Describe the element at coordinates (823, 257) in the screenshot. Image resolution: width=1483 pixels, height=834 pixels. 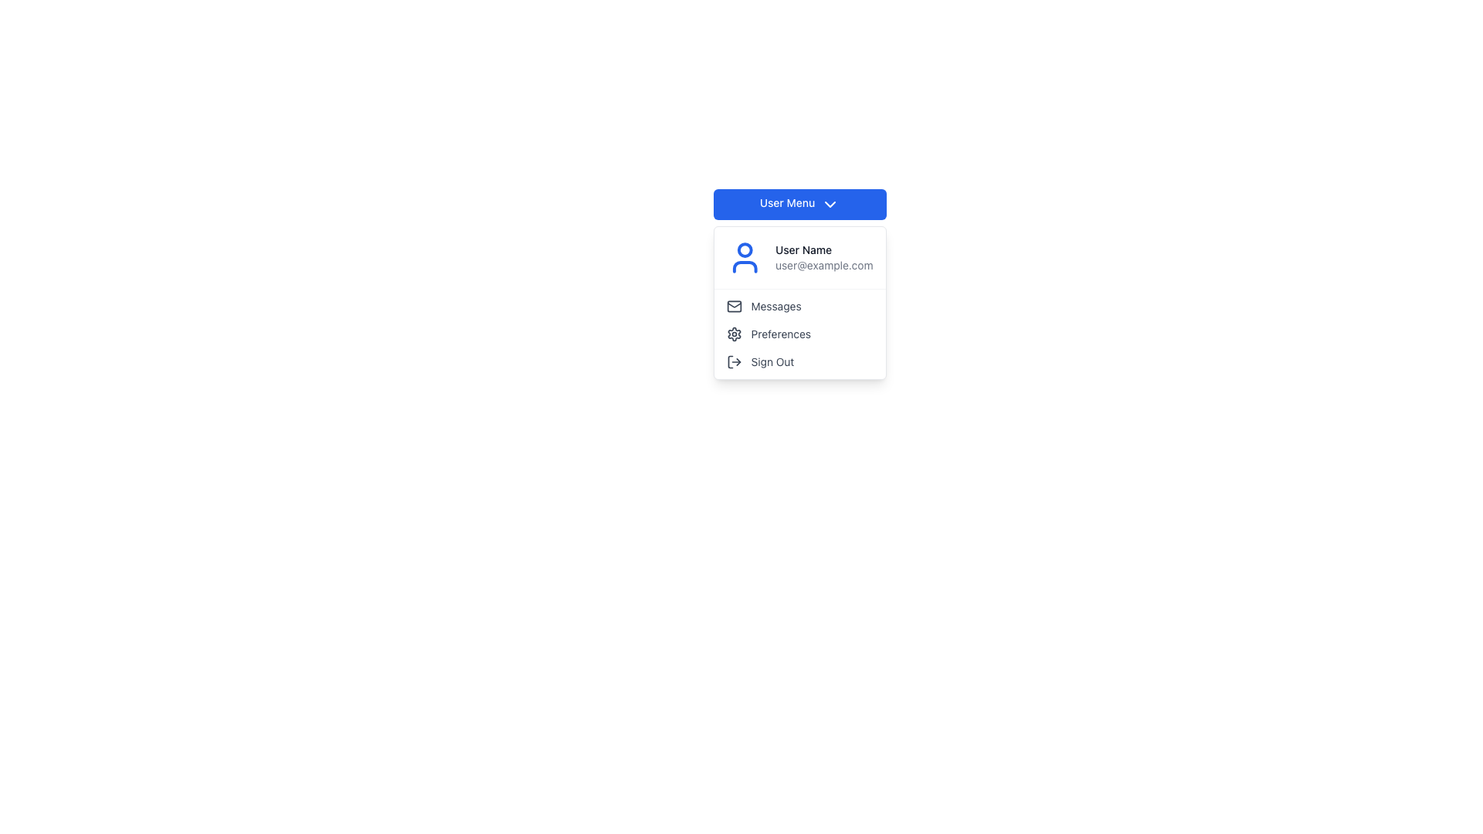
I see `the 'User Name' text label, which is a bold label displaying 'User Name' and the email 'user@example.com' in a dropdown panel under the 'User Menu' button` at that location.